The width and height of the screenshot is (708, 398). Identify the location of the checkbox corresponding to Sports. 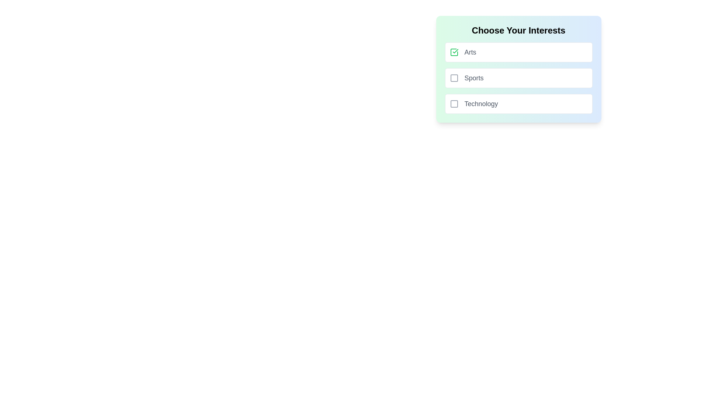
(454, 78).